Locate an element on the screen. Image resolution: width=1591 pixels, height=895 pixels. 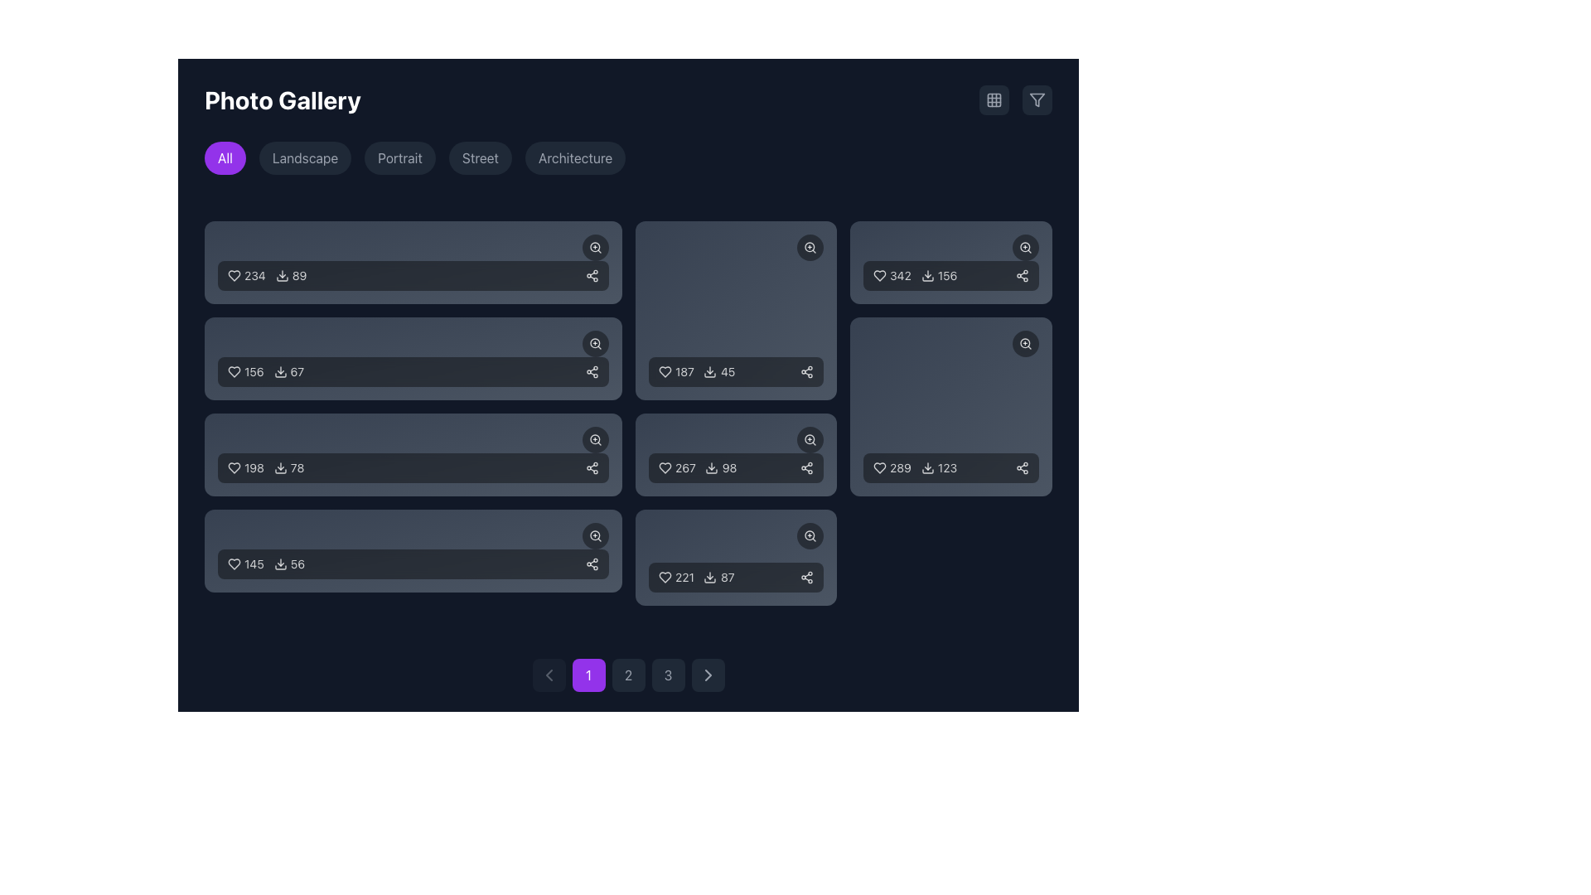
the 'like' vector icon located at the top-left corner inside a rectangular card, which indicates approval or saving preferences is located at coordinates (879, 274).